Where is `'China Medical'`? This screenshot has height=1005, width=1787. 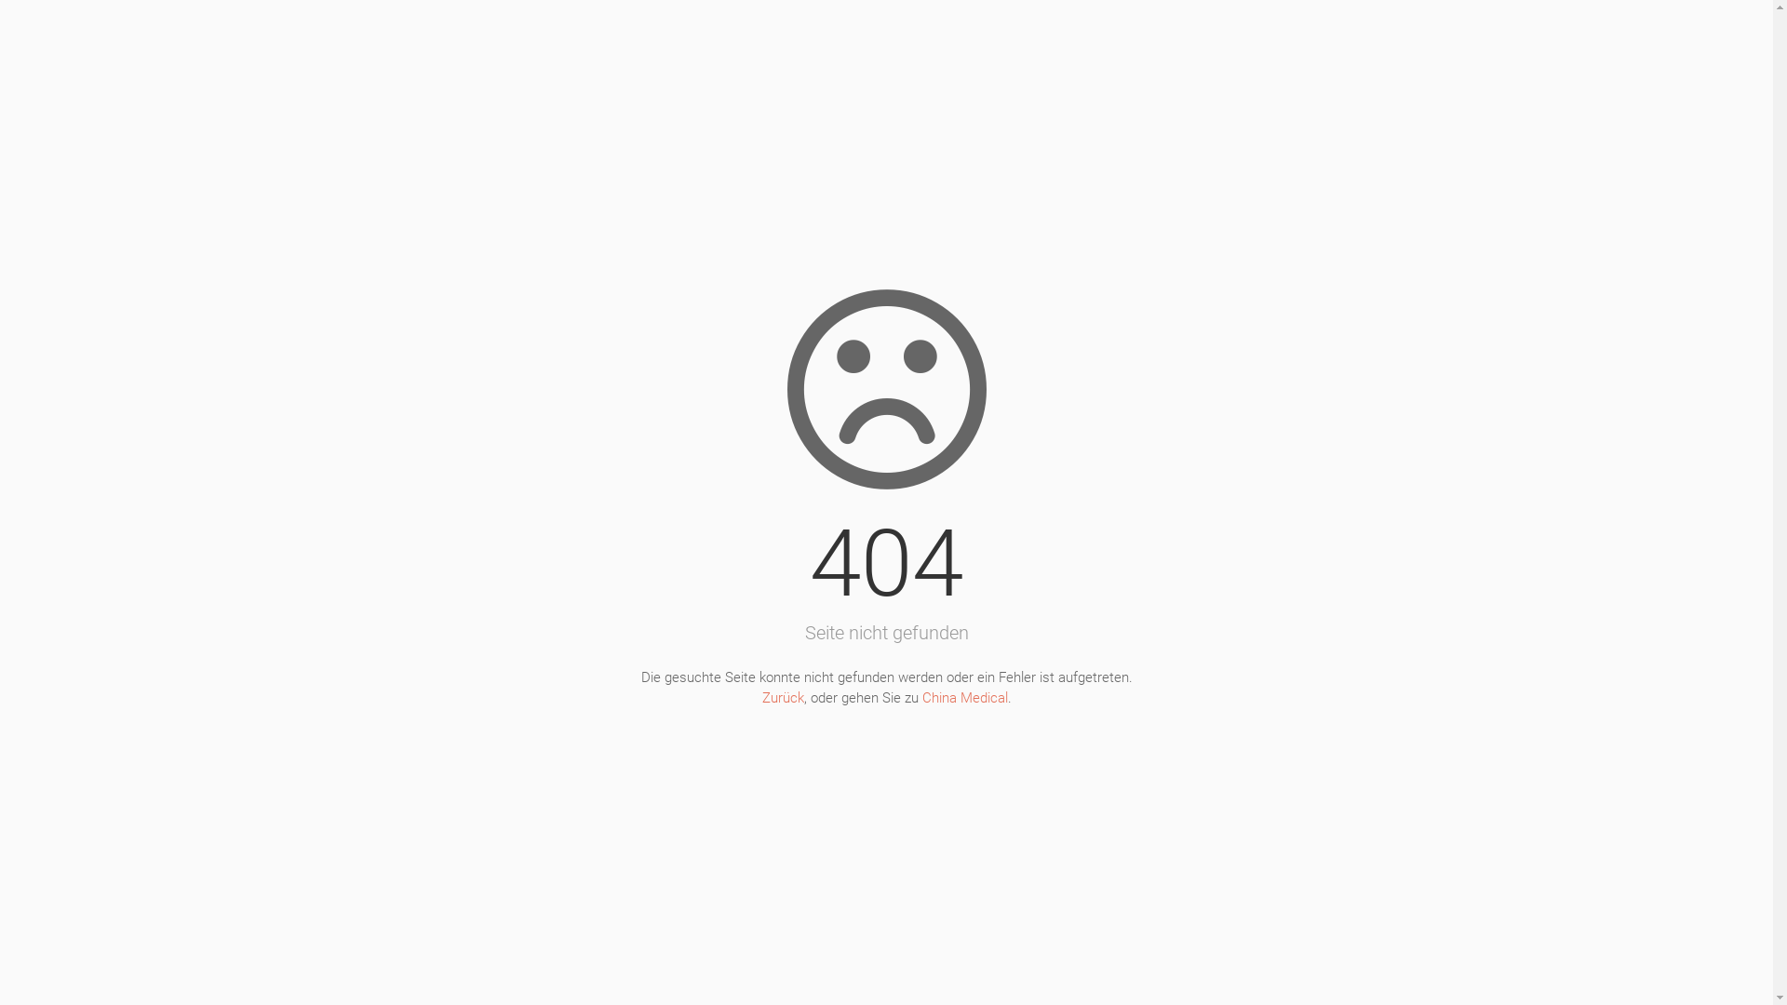
'China Medical' is located at coordinates (964, 697).